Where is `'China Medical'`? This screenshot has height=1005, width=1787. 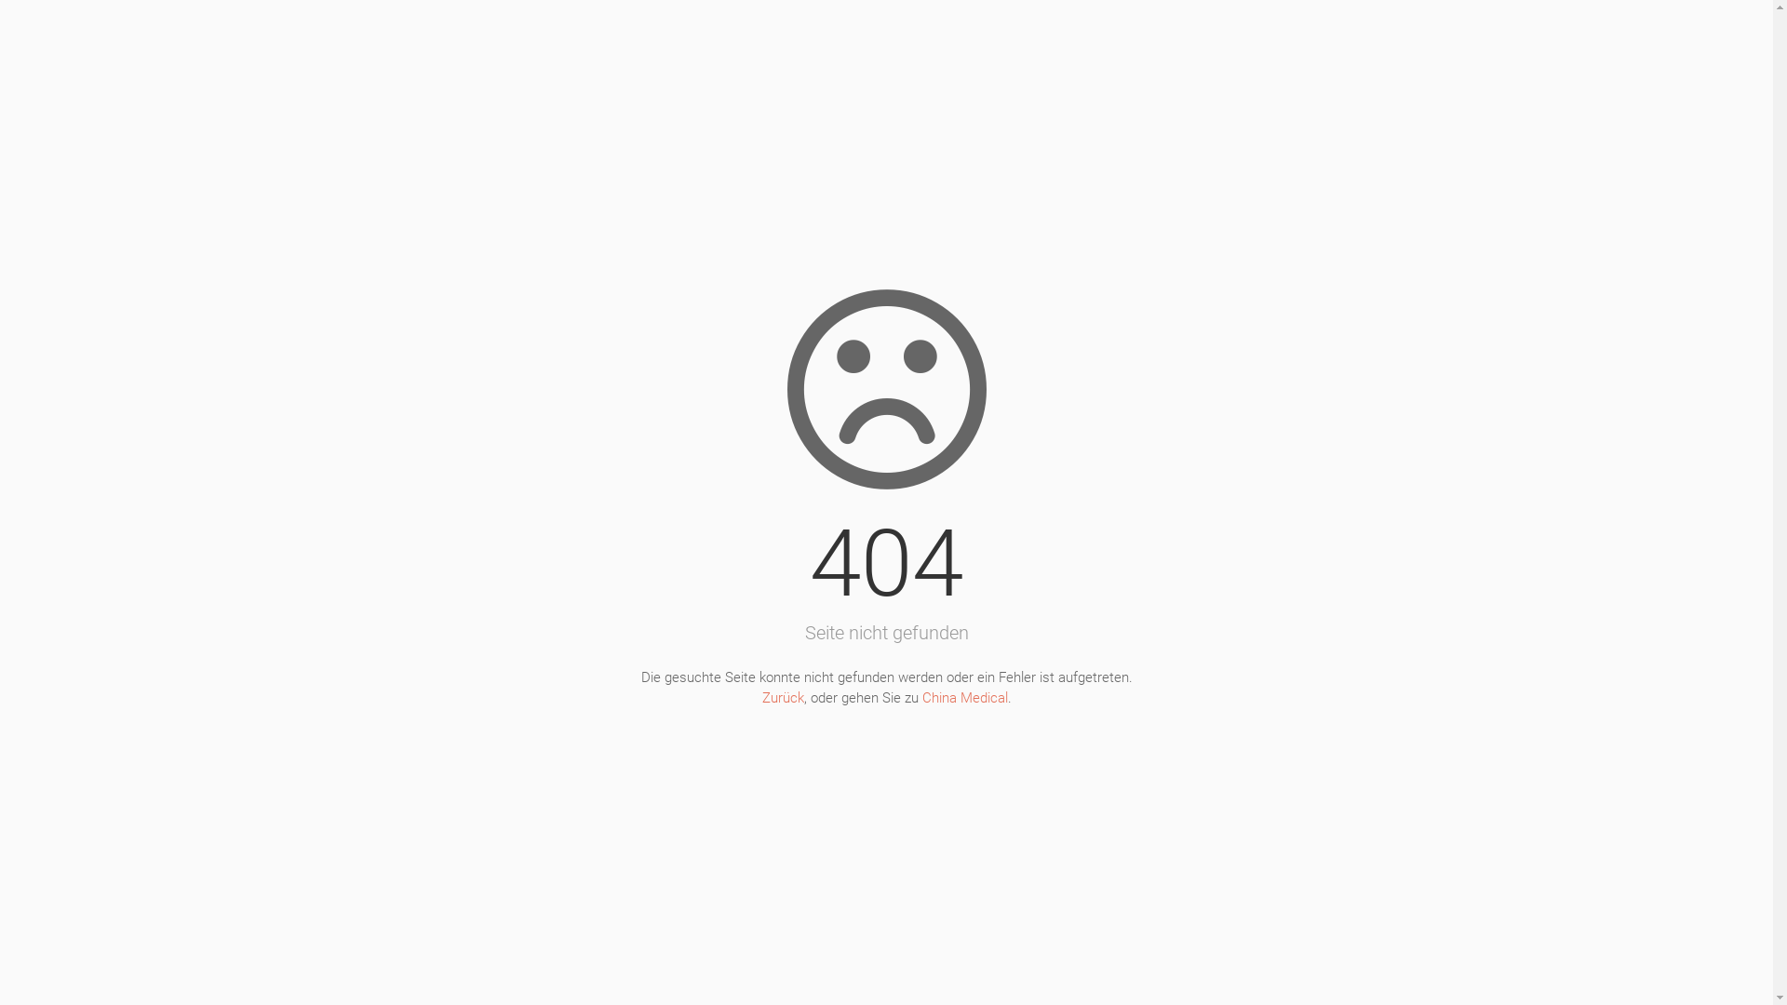
'China Medical' is located at coordinates (964, 697).